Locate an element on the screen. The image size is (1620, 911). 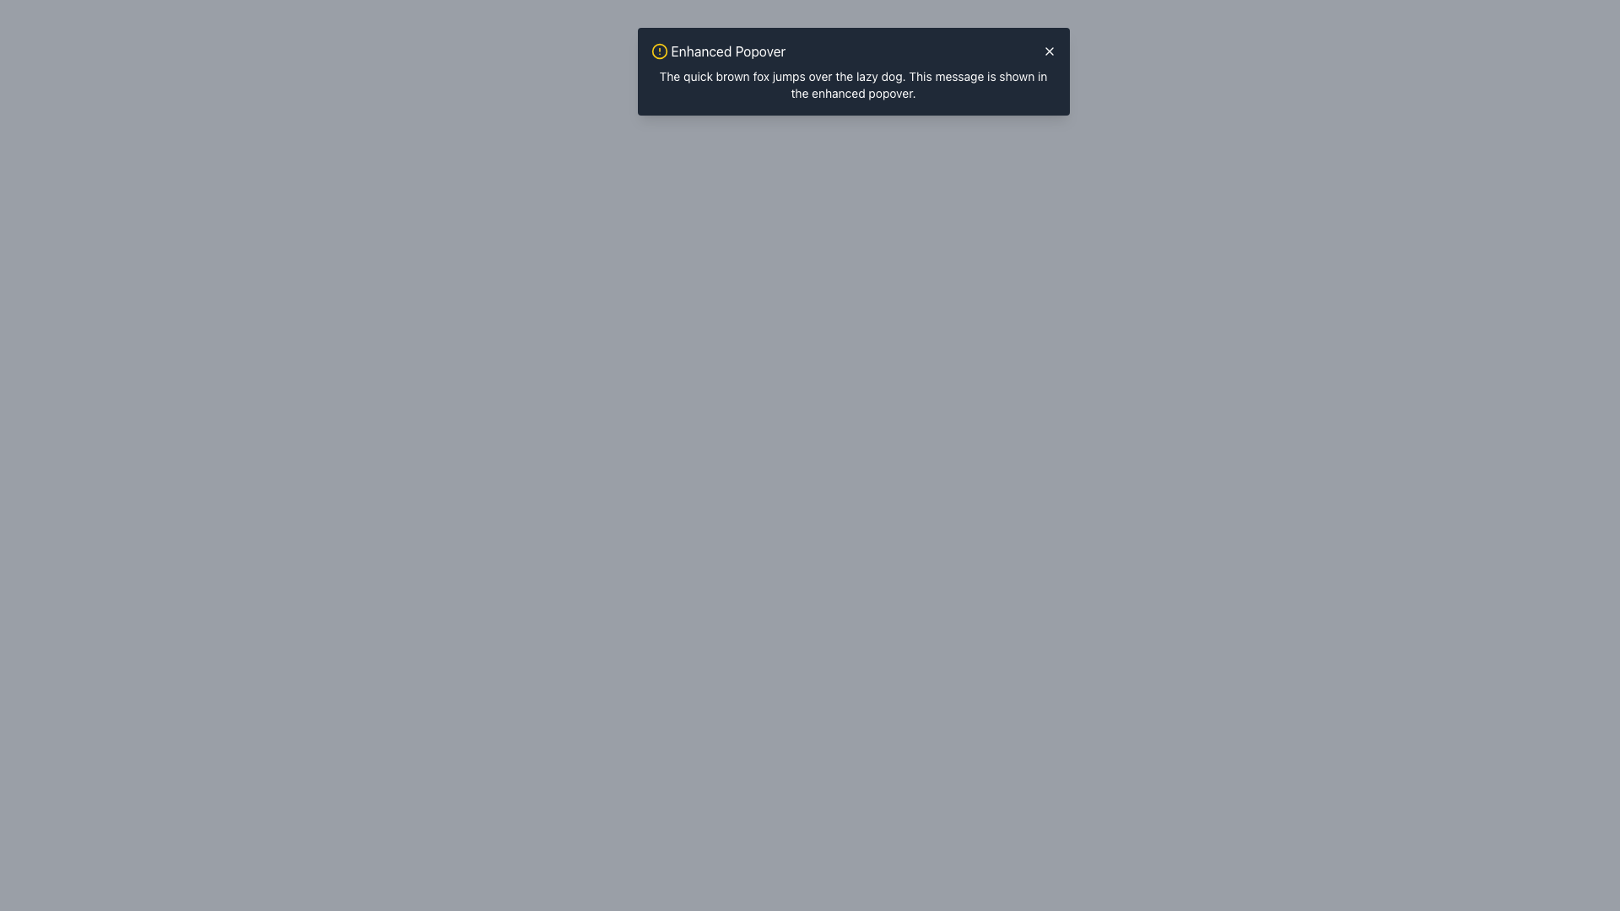
the close button located in the upper-right corner of the popover header, to the right of the text 'Enhanced Popover' is located at coordinates (1048, 51).